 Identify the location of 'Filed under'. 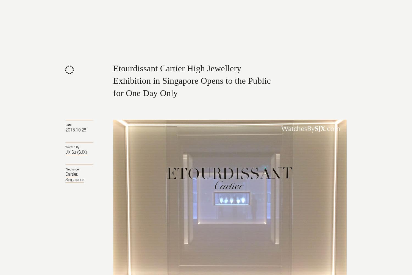
(65, 169).